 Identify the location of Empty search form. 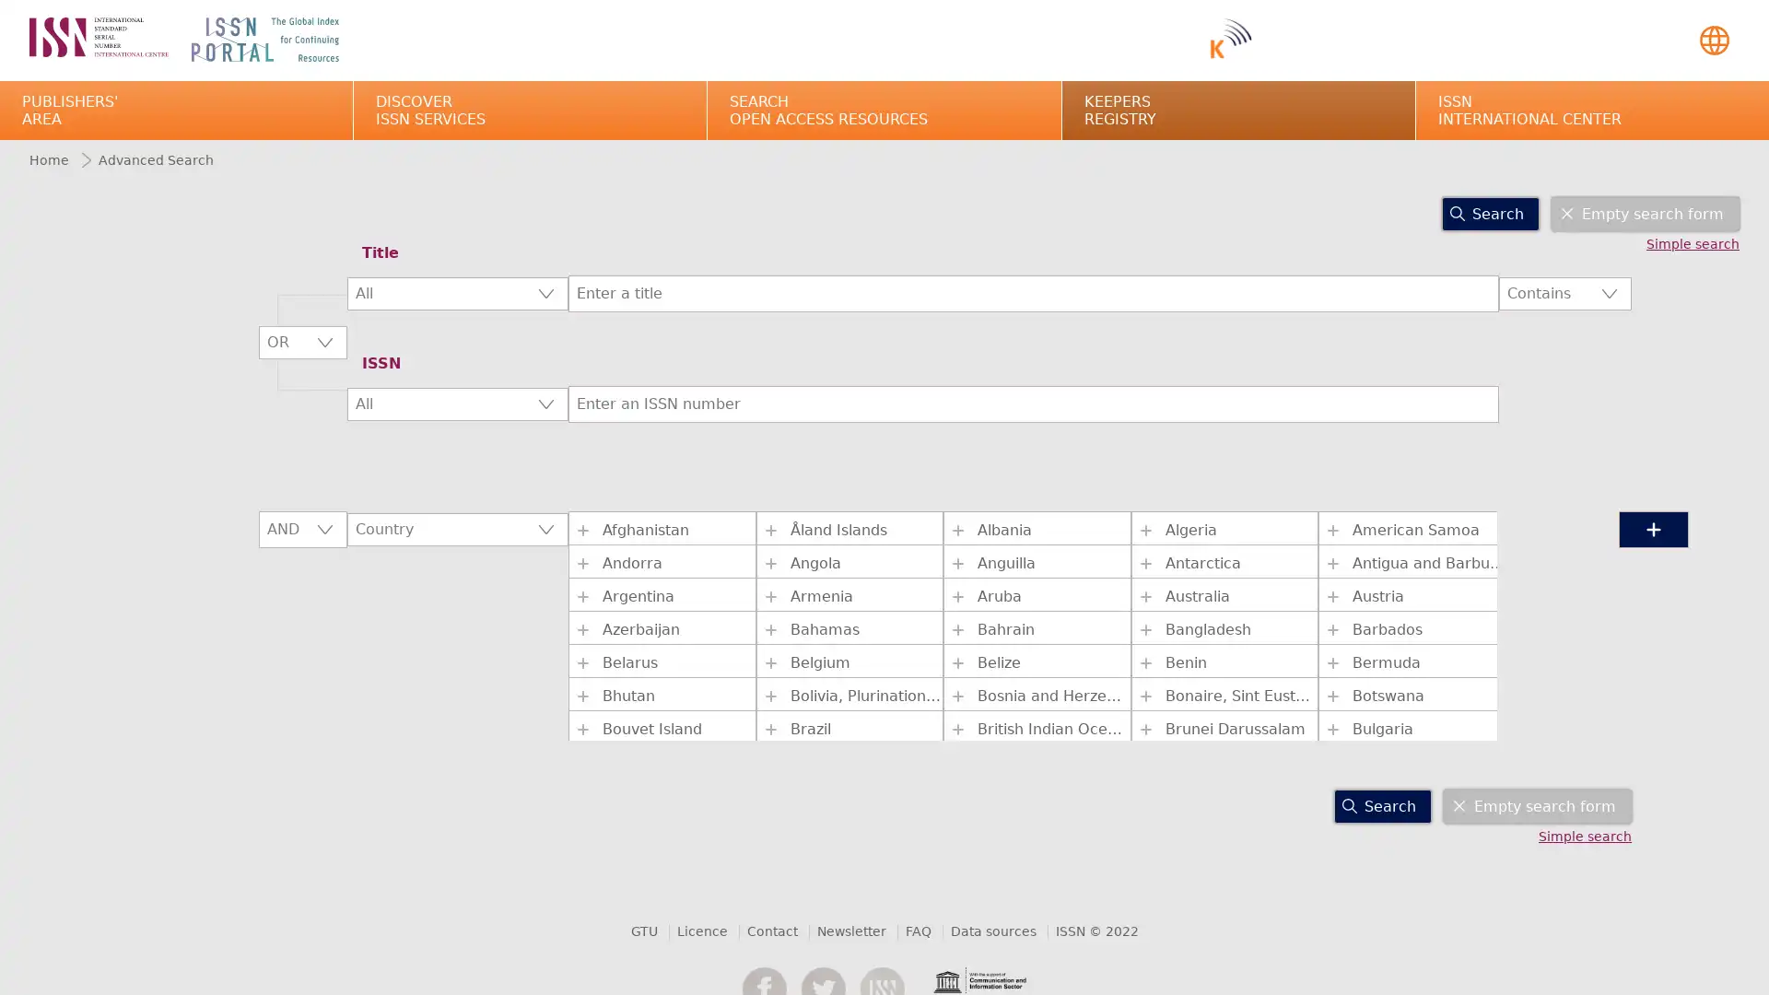
(1645, 212).